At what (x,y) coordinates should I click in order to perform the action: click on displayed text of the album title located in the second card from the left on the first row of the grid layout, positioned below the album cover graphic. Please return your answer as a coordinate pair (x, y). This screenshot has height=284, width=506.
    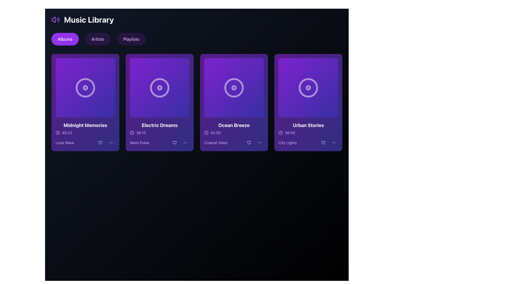
    Looking at the image, I should click on (159, 125).